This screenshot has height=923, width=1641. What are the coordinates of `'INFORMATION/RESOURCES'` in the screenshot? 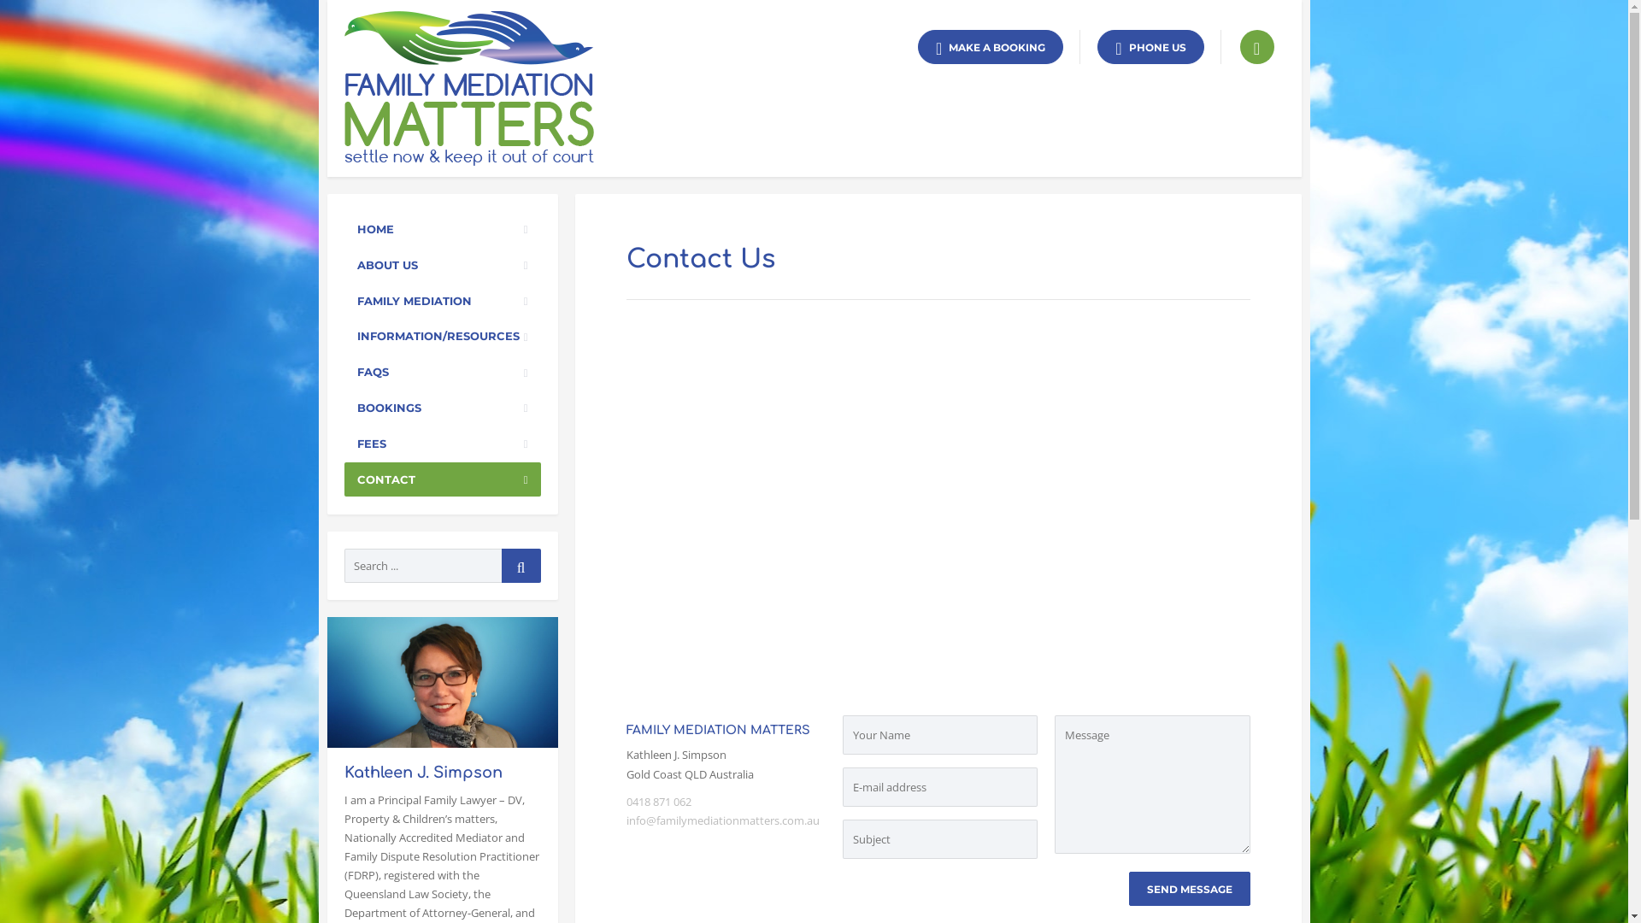 It's located at (343, 336).